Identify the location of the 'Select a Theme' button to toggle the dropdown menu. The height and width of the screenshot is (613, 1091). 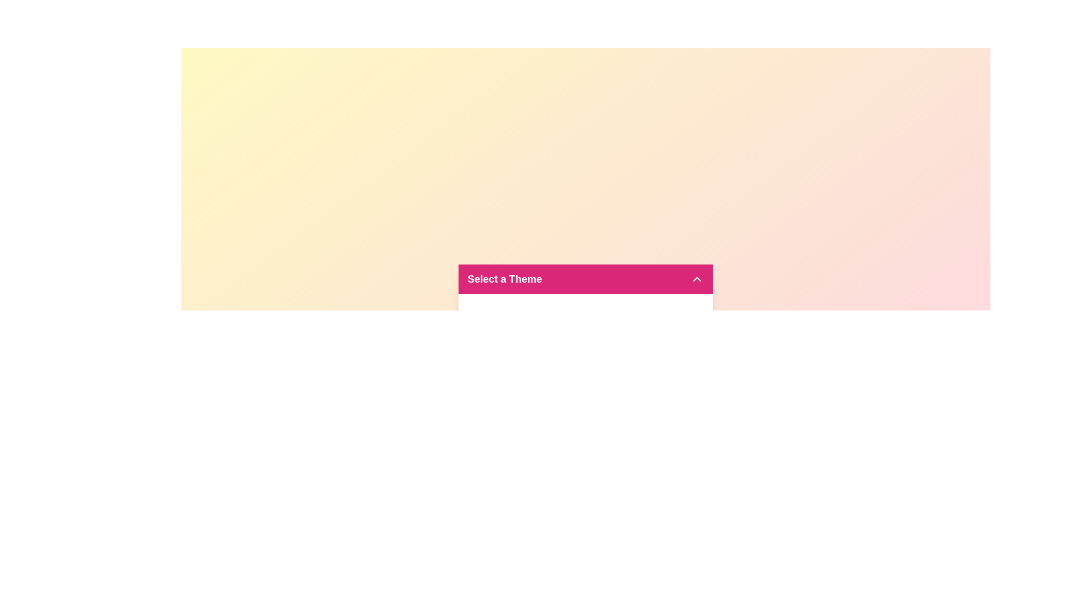
(586, 279).